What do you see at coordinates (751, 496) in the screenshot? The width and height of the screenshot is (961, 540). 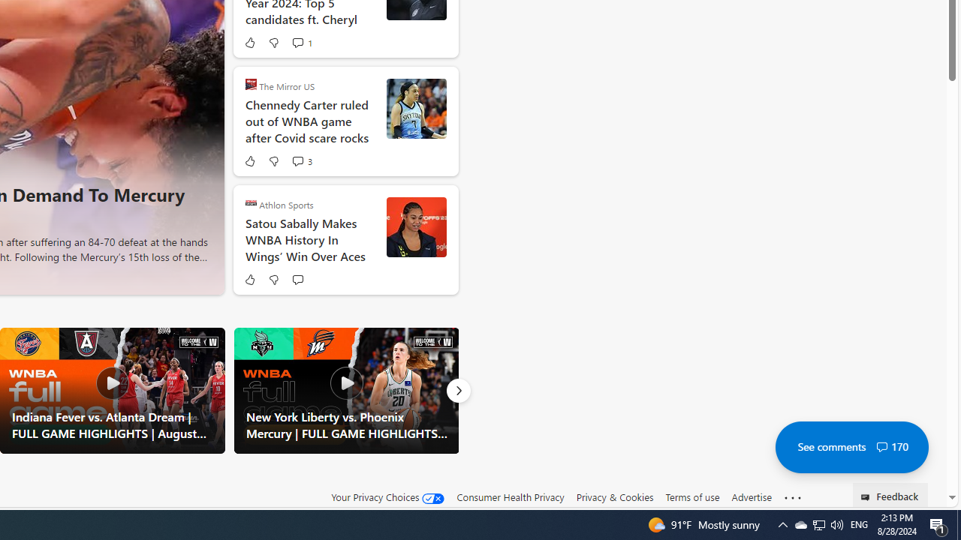 I see `'Advertise'` at bounding box center [751, 496].